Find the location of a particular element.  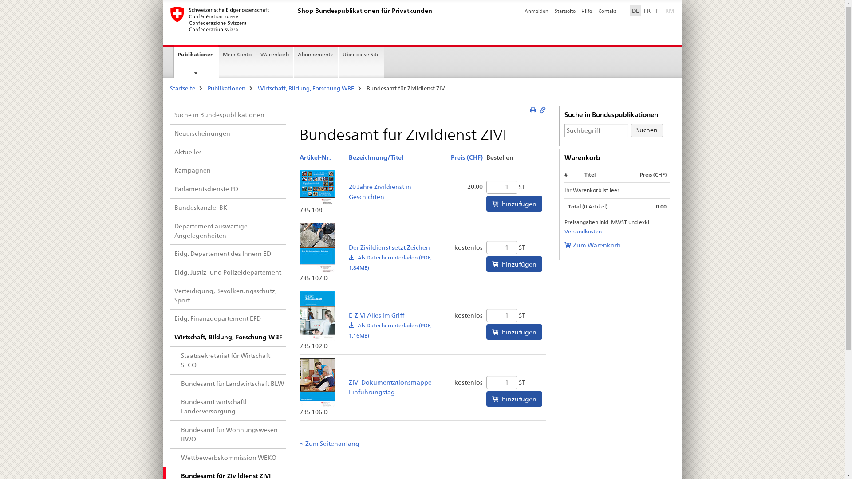

'Aufsteigend sortieren: is located at coordinates (315, 157).